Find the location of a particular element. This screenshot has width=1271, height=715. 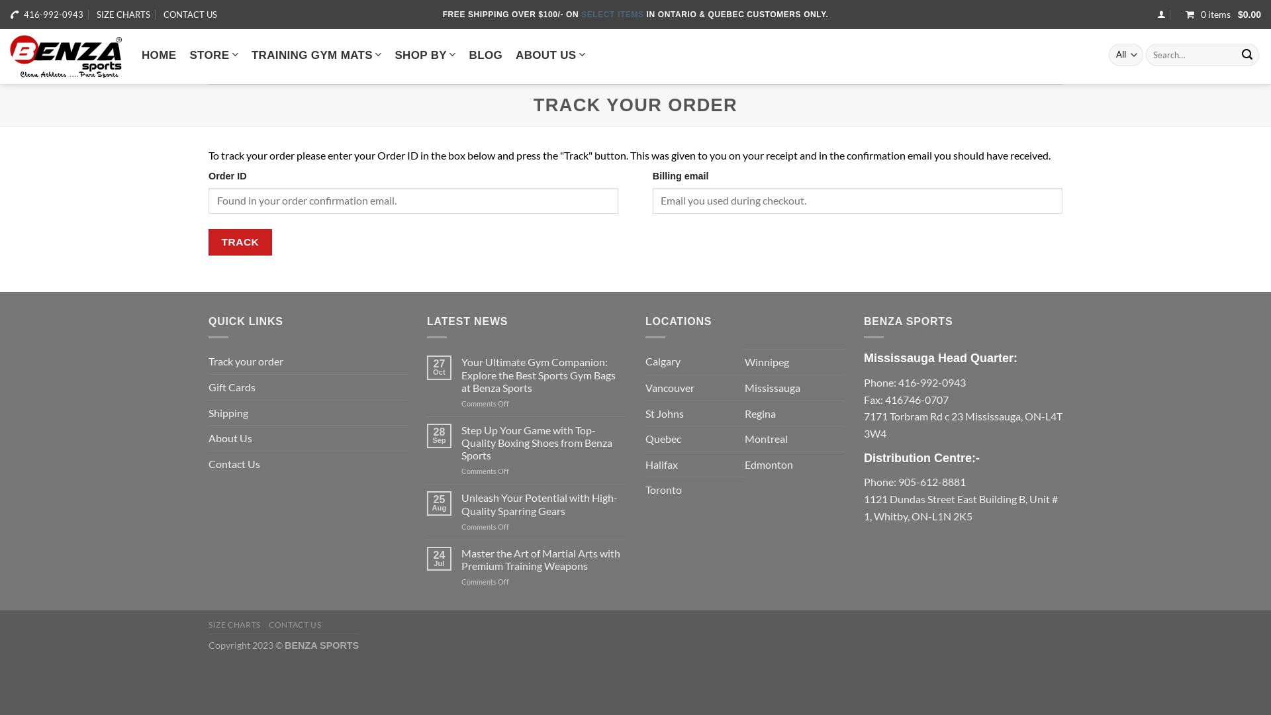

'HOME' is located at coordinates (159, 54).